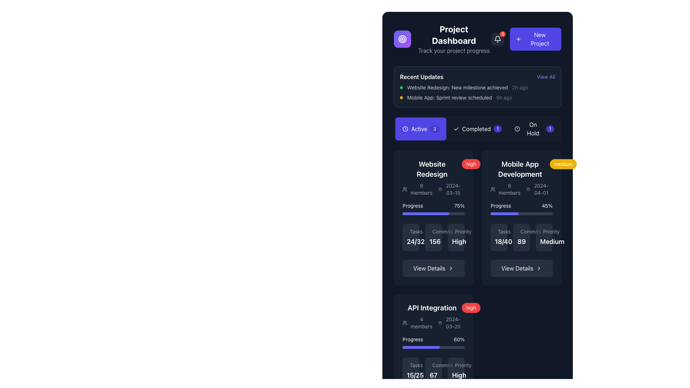 The image size is (690, 388). What do you see at coordinates (425, 213) in the screenshot?
I see `the horizontal progress bar indicating 75% completion within the 'Website Redesign' project progress card` at bounding box center [425, 213].